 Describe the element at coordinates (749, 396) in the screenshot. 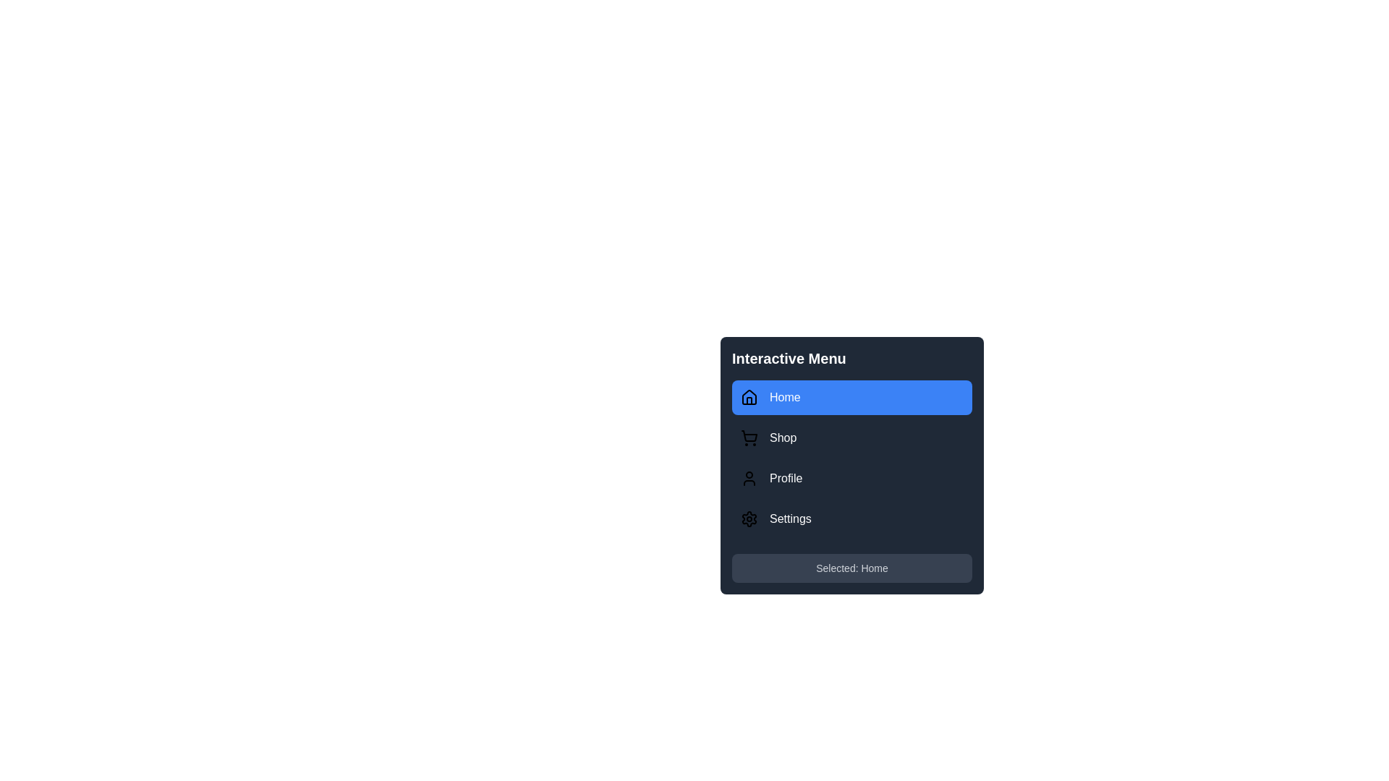

I see `the decorative SVG icon of a house located in the navigation menu, positioned left of the 'Home' text label` at that location.